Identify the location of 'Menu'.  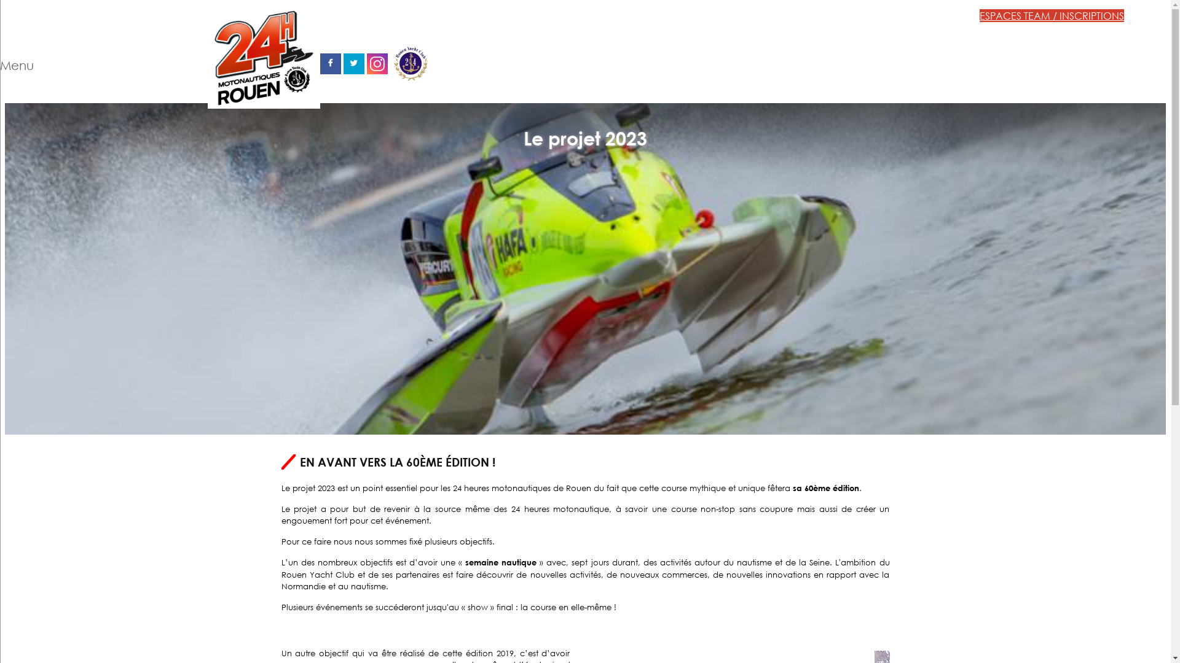
(76, 43).